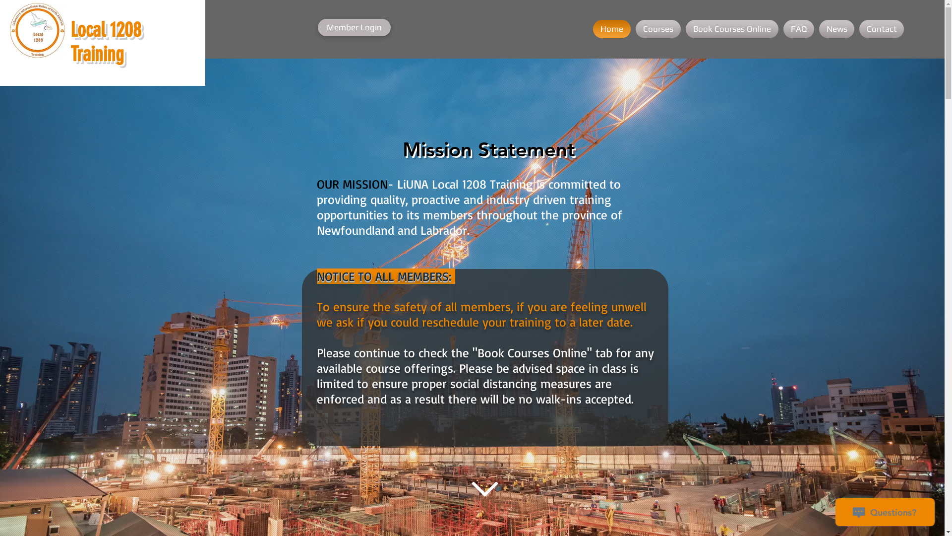 The image size is (952, 536). I want to click on 'FAQ', so click(799, 28).